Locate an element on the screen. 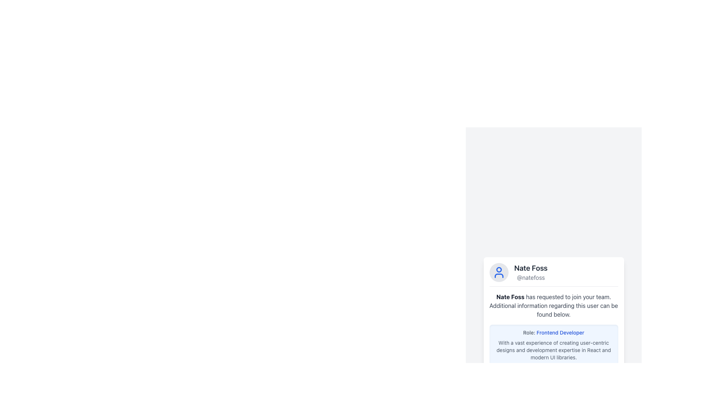 The width and height of the screenshot is (702, 394). the hyperlink labeled 'Frontend Developer' in the informational text block that provides details about the user's role and expertise is located at coordinates (554, 345).